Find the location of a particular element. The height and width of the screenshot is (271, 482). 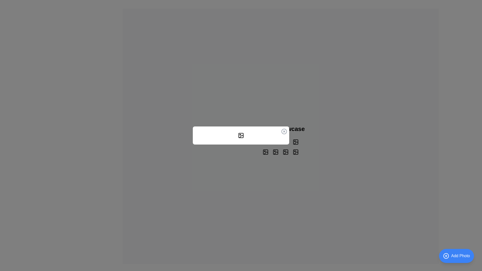

the fifth button in the bottom-right corner of the grid is located at coordinates (295, 152).